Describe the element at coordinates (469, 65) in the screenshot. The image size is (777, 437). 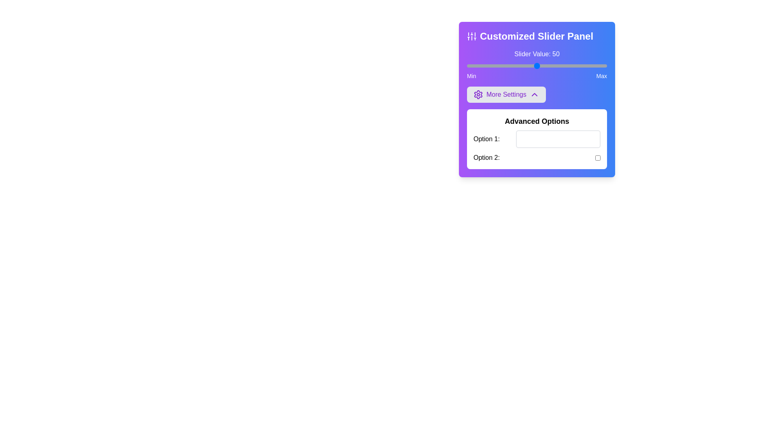
I see `the slider's value` at that location.